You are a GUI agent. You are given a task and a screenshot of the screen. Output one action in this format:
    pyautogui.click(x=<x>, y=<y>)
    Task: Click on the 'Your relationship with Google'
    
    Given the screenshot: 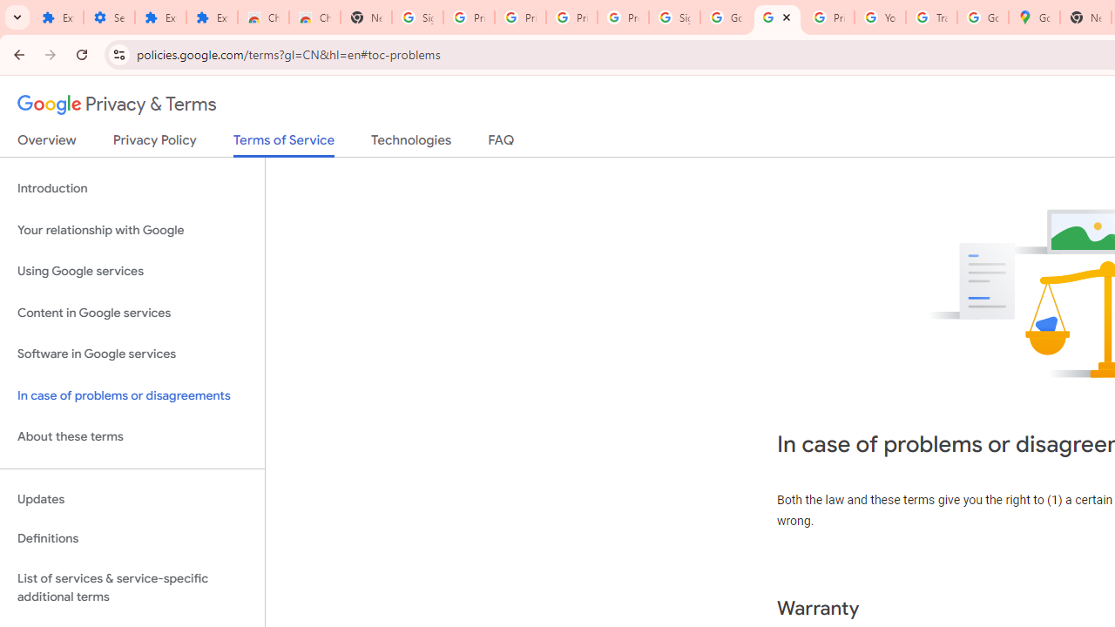 What is the action you would take?
    pyautogui.click(x=132, y=229)
    